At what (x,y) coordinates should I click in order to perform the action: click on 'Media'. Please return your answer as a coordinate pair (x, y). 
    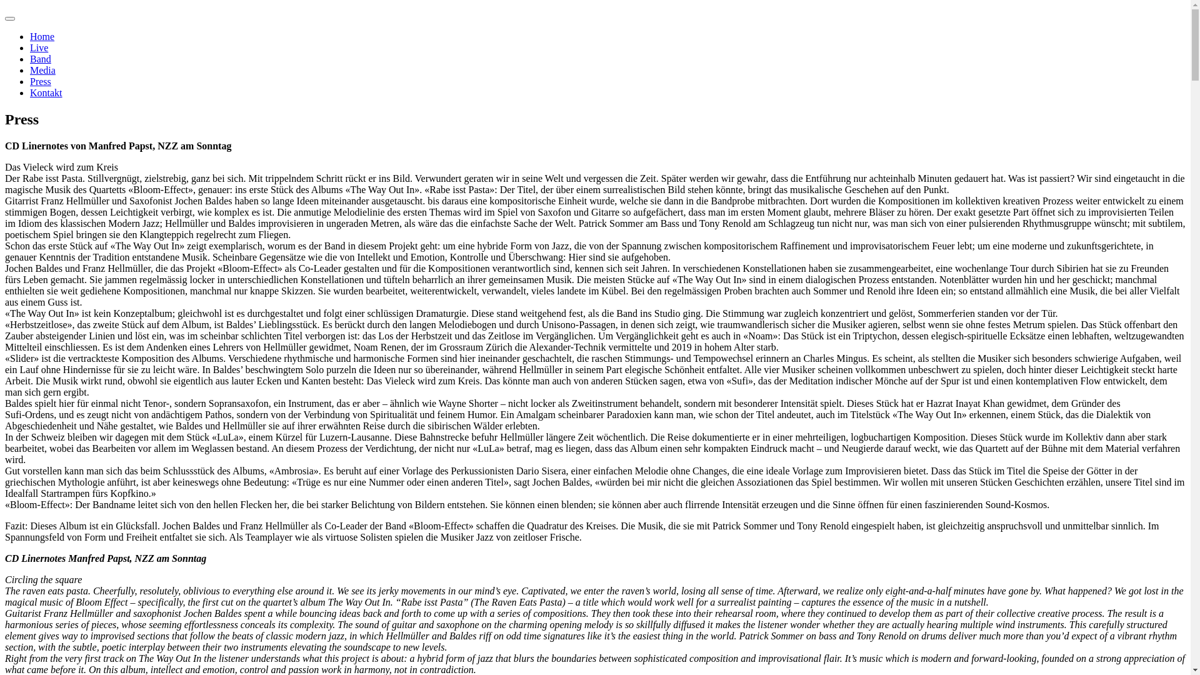
    Looking at the image, I should click on (42, 70).